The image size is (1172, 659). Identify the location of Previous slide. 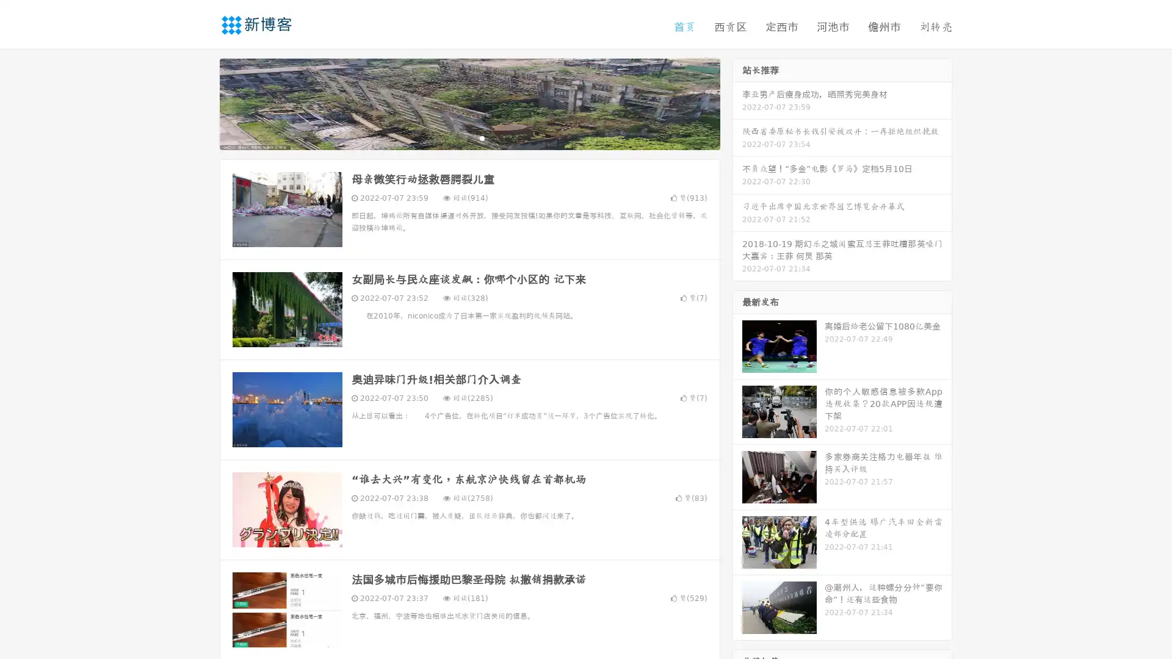
(201, 103).